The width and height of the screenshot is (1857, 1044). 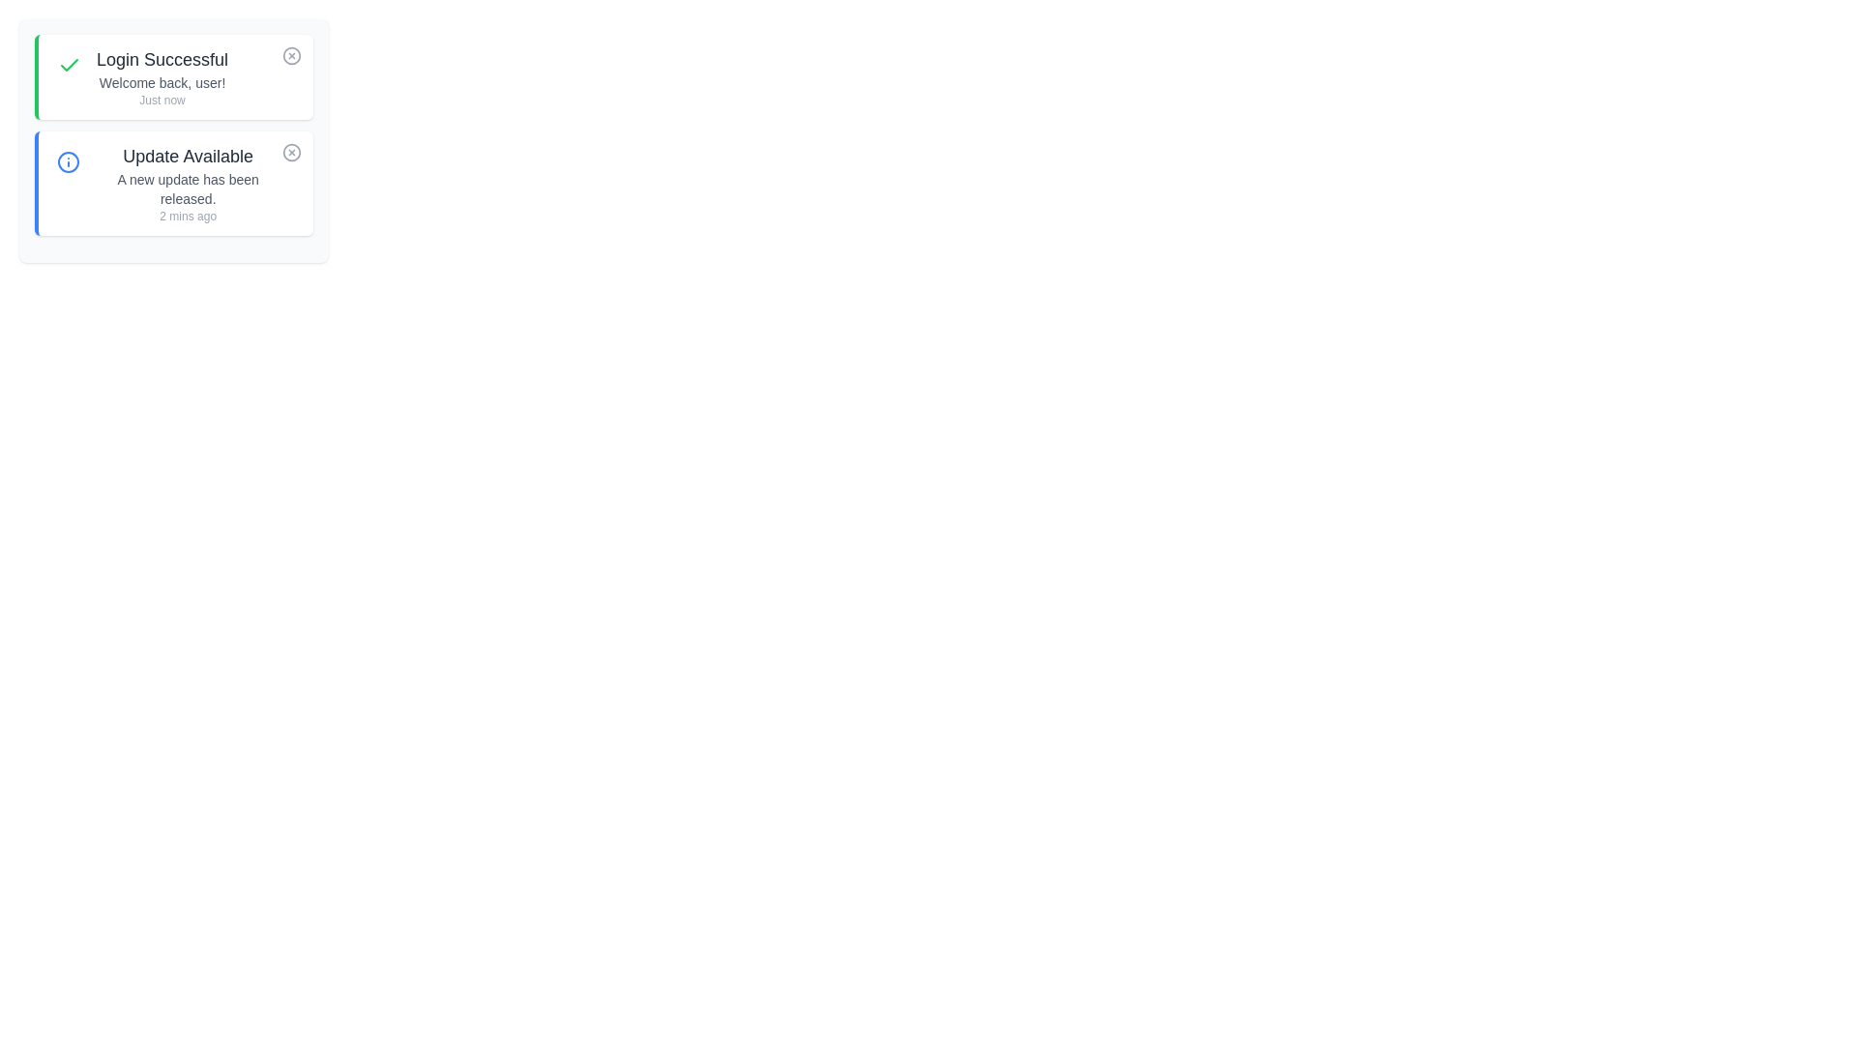 I want to click on the text block that contains the heading 'Update Available', subtext 'A new update has been released', and timestamp '2 mins ago', located on the second card in the notifications stack, so click(x=188, y=183).